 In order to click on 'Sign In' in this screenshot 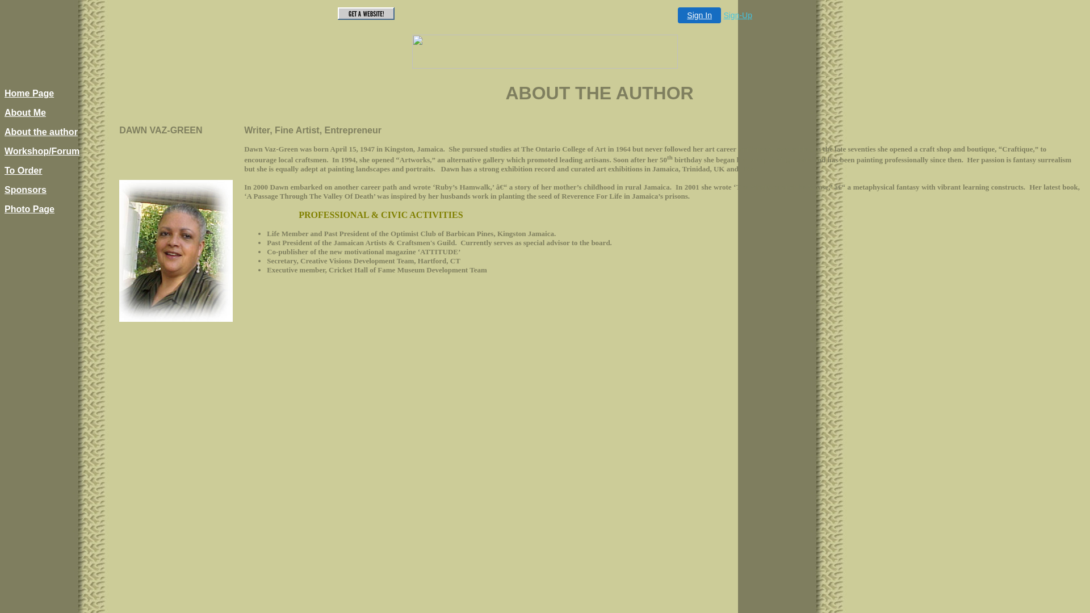, I will do `click(699, 15)`.